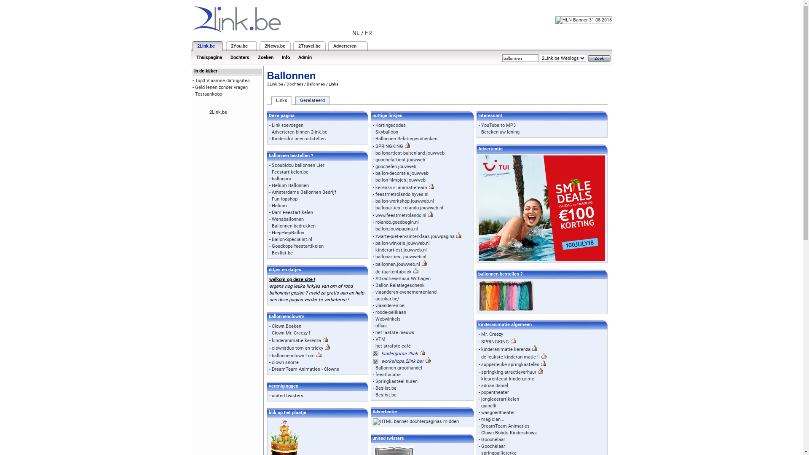  Describe the element at coordinates (303, 192) in the screenshot. I see `'Amsterdams Ballonnen Bedrijf'` at that location.